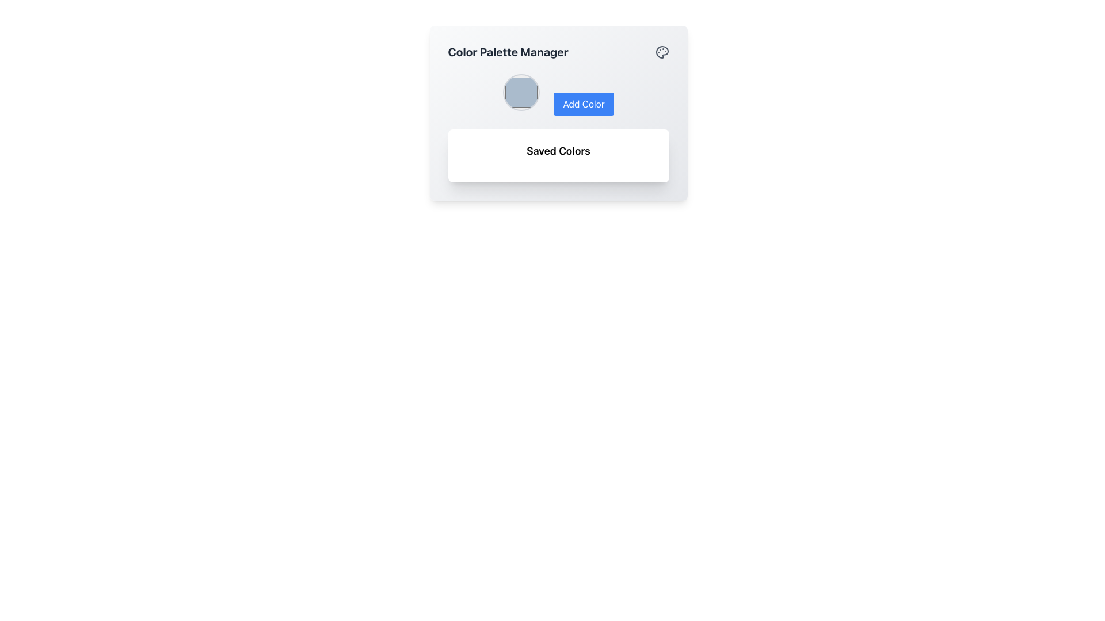  I want to click on the button, so click(584, 104).